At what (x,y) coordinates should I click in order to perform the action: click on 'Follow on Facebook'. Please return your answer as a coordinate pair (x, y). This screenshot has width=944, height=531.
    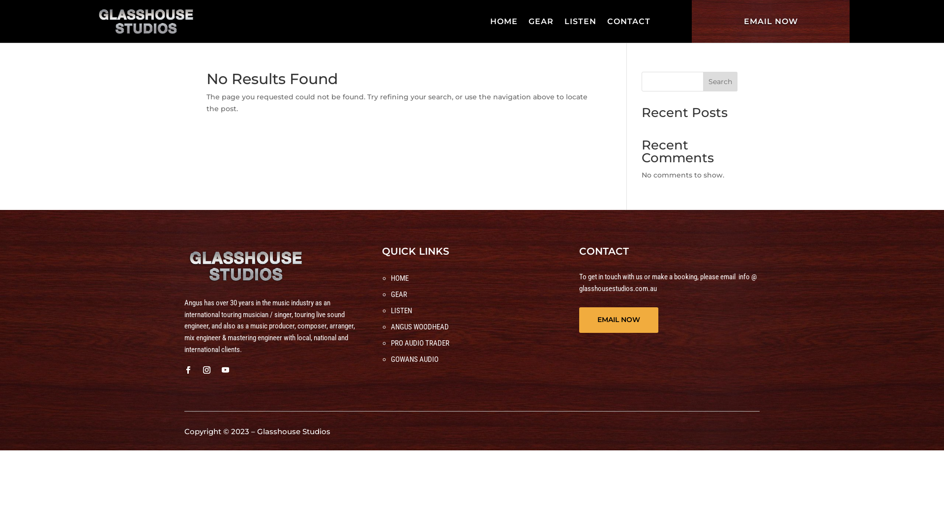
    Looking at the image, I should click on (188, 370).